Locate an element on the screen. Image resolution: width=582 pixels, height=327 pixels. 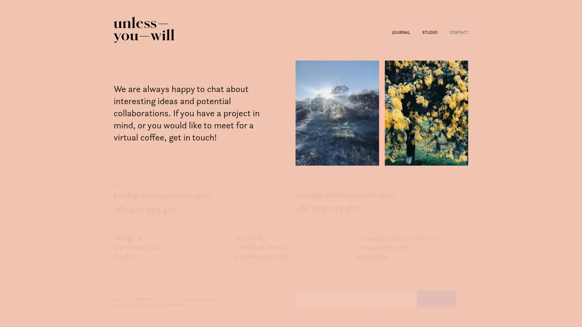
Subscribe is located at coordinates (436, 299).